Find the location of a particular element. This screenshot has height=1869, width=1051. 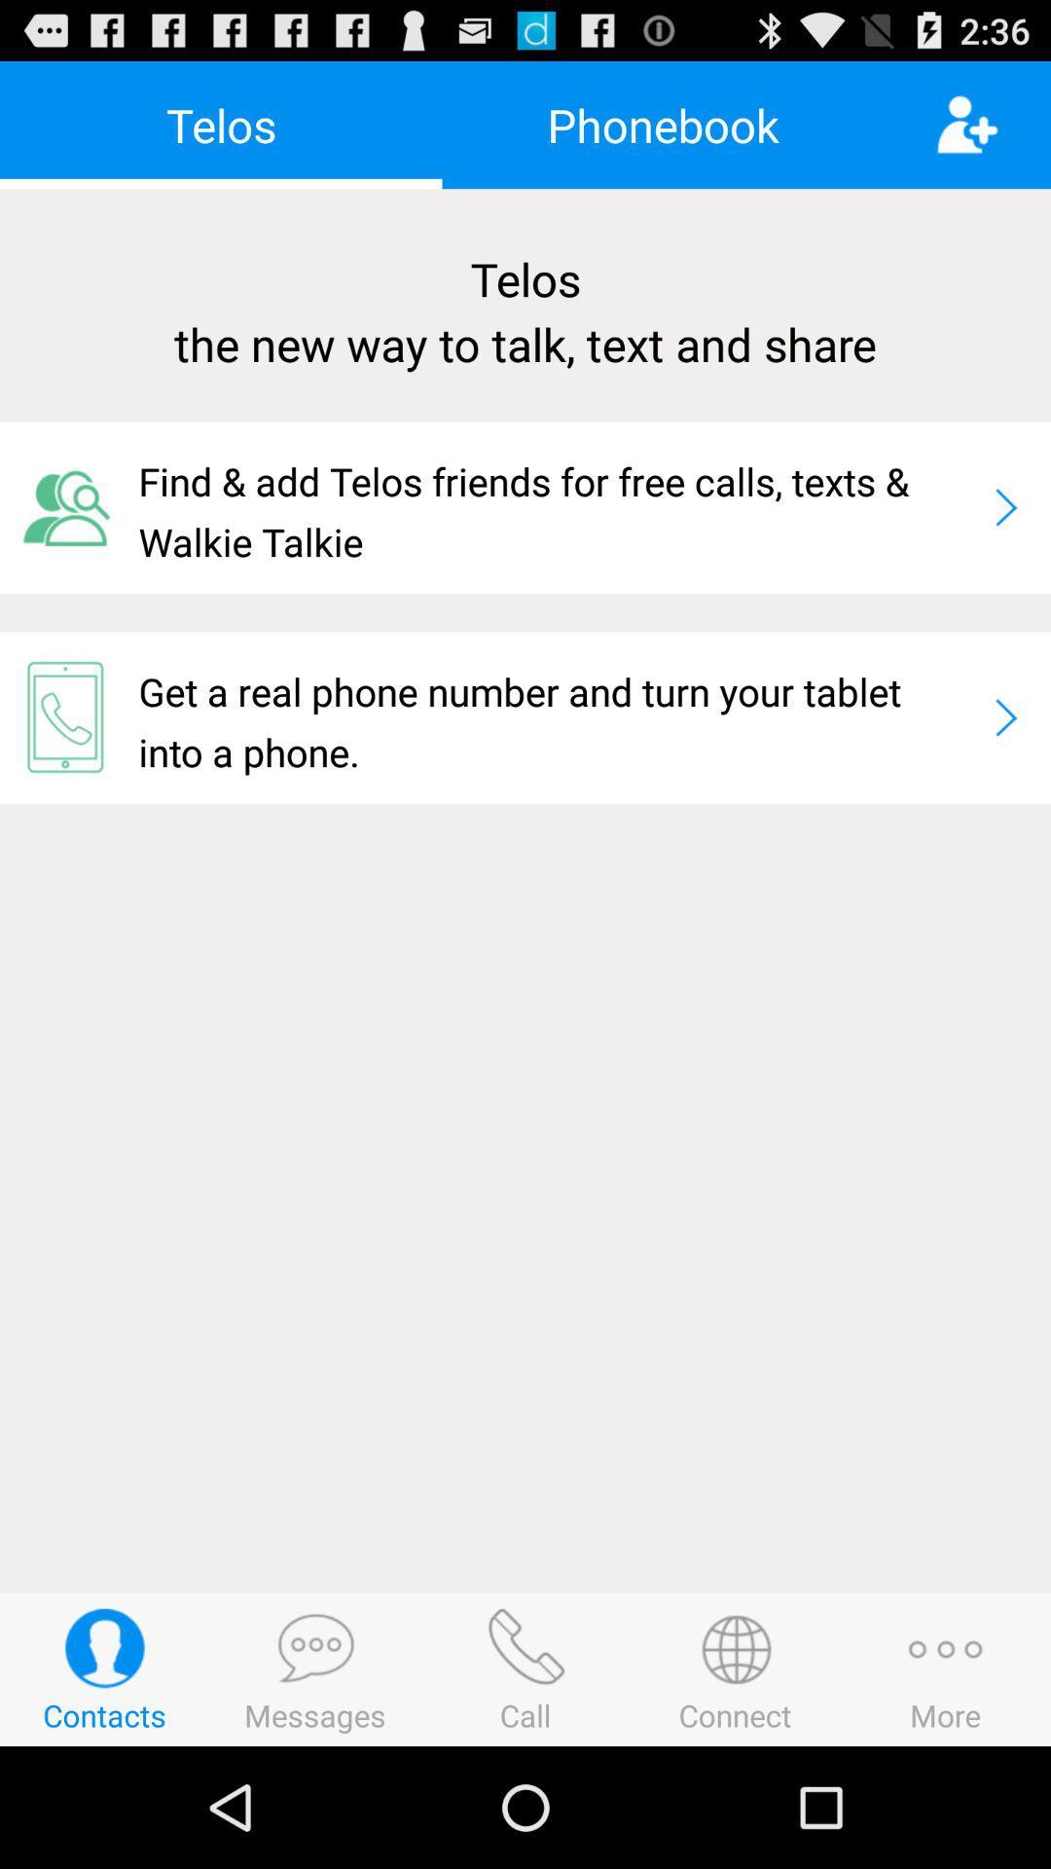

icon above the get a real item is located at coordinates (556, 507).